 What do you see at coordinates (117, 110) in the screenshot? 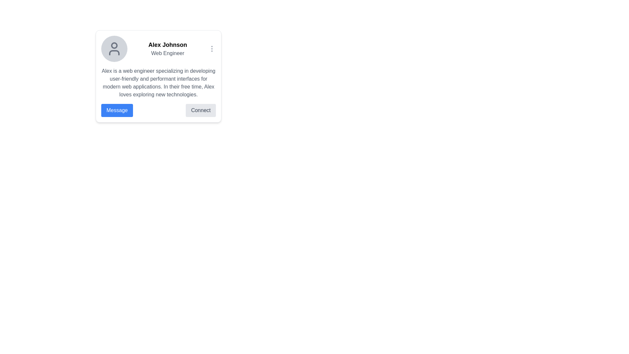
I see `the blue rectangular button labeled 'Message' with white text to initiate messaging` at bounding box center [117, 110].